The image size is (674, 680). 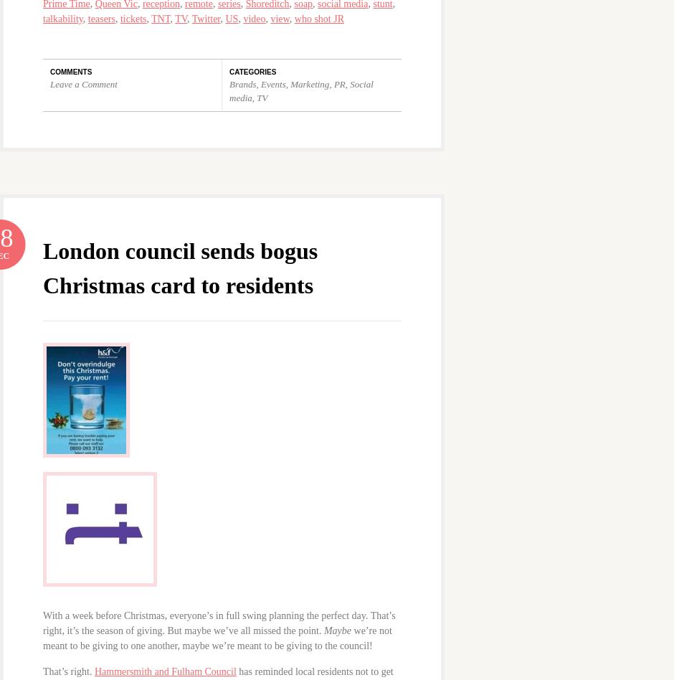 I want to click on 'That’s right.', so click(x=68, y=670).